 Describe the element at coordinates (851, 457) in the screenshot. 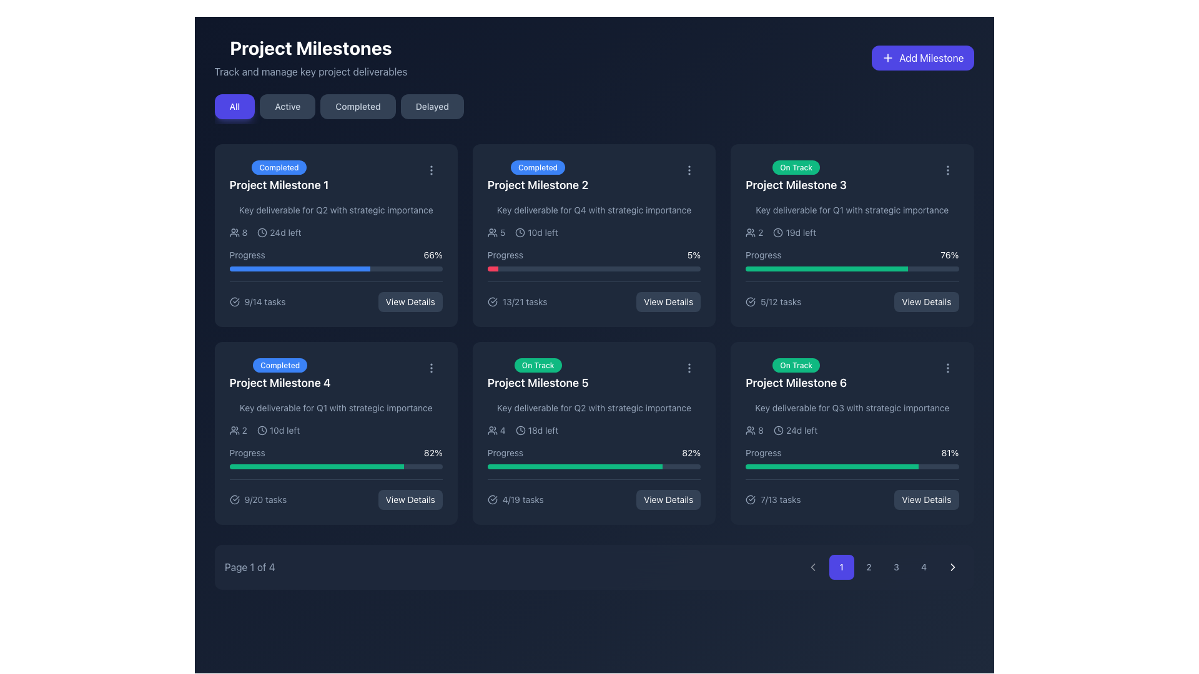

I see `the completion progress of the 'Project Milestone 6' by visually inspecting the progress bar located in the bottom-right corner of the project card` at that location.